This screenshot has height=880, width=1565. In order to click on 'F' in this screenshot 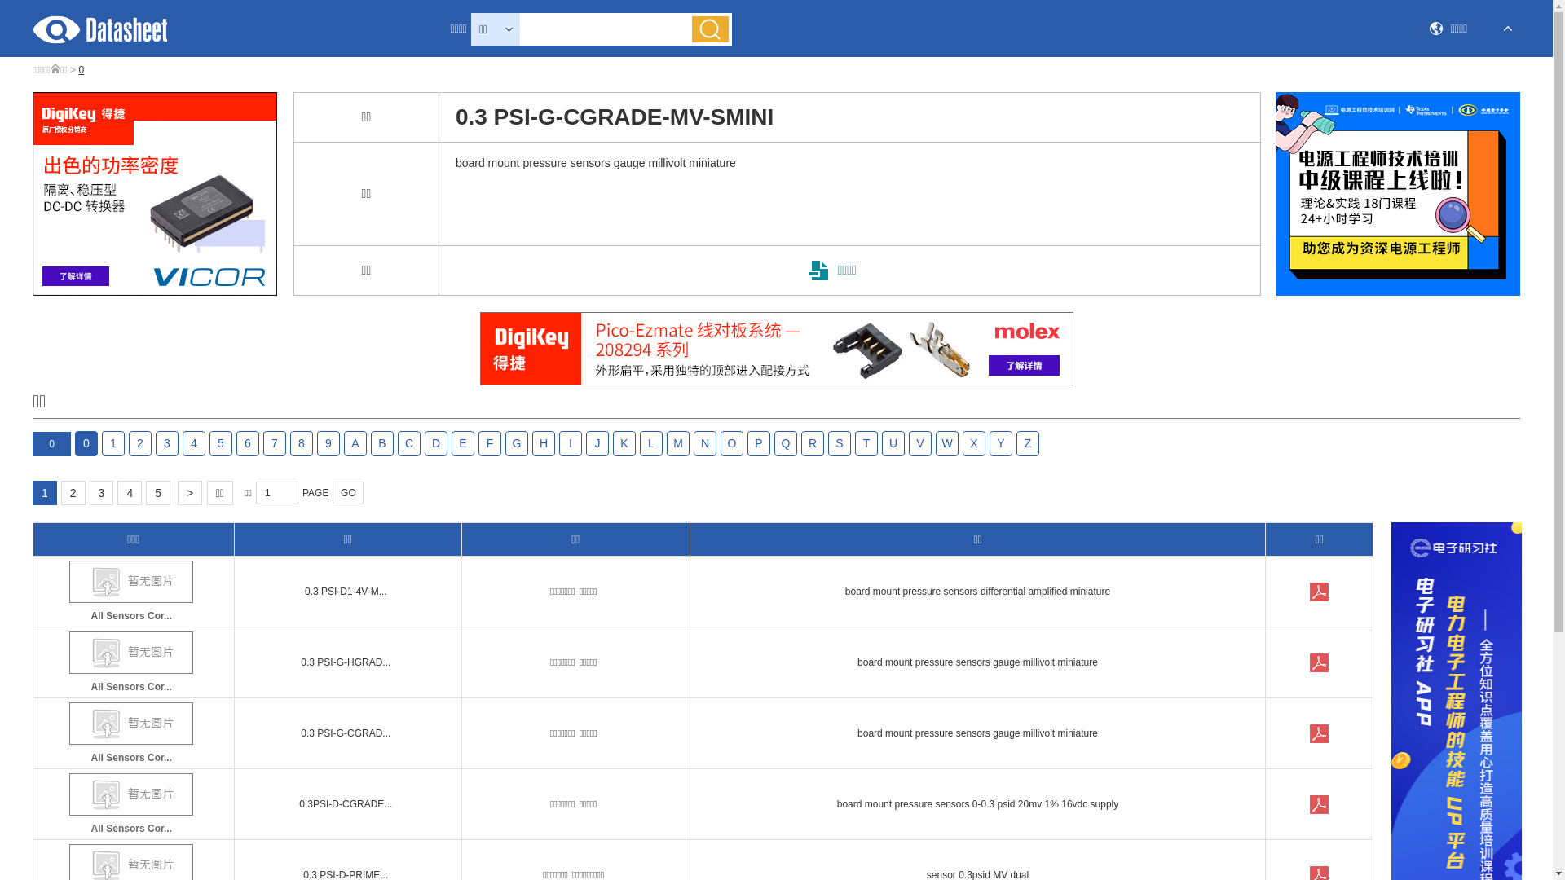, I will do `click(488, 443)`.